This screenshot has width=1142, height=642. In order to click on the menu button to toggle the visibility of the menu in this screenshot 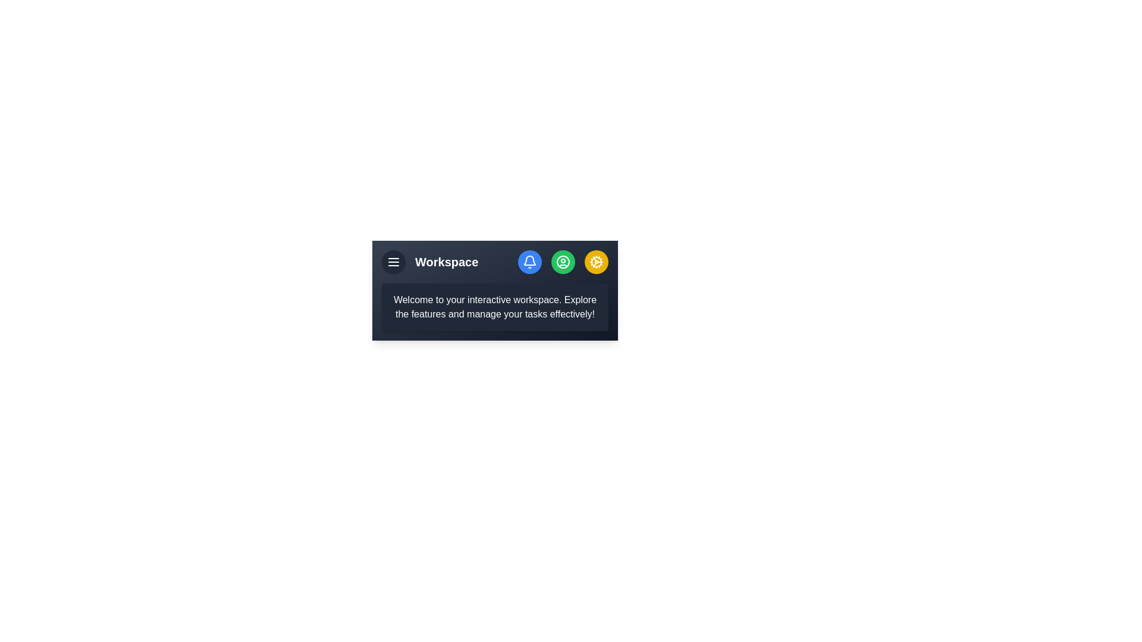, I will do `click(394, 261)`.